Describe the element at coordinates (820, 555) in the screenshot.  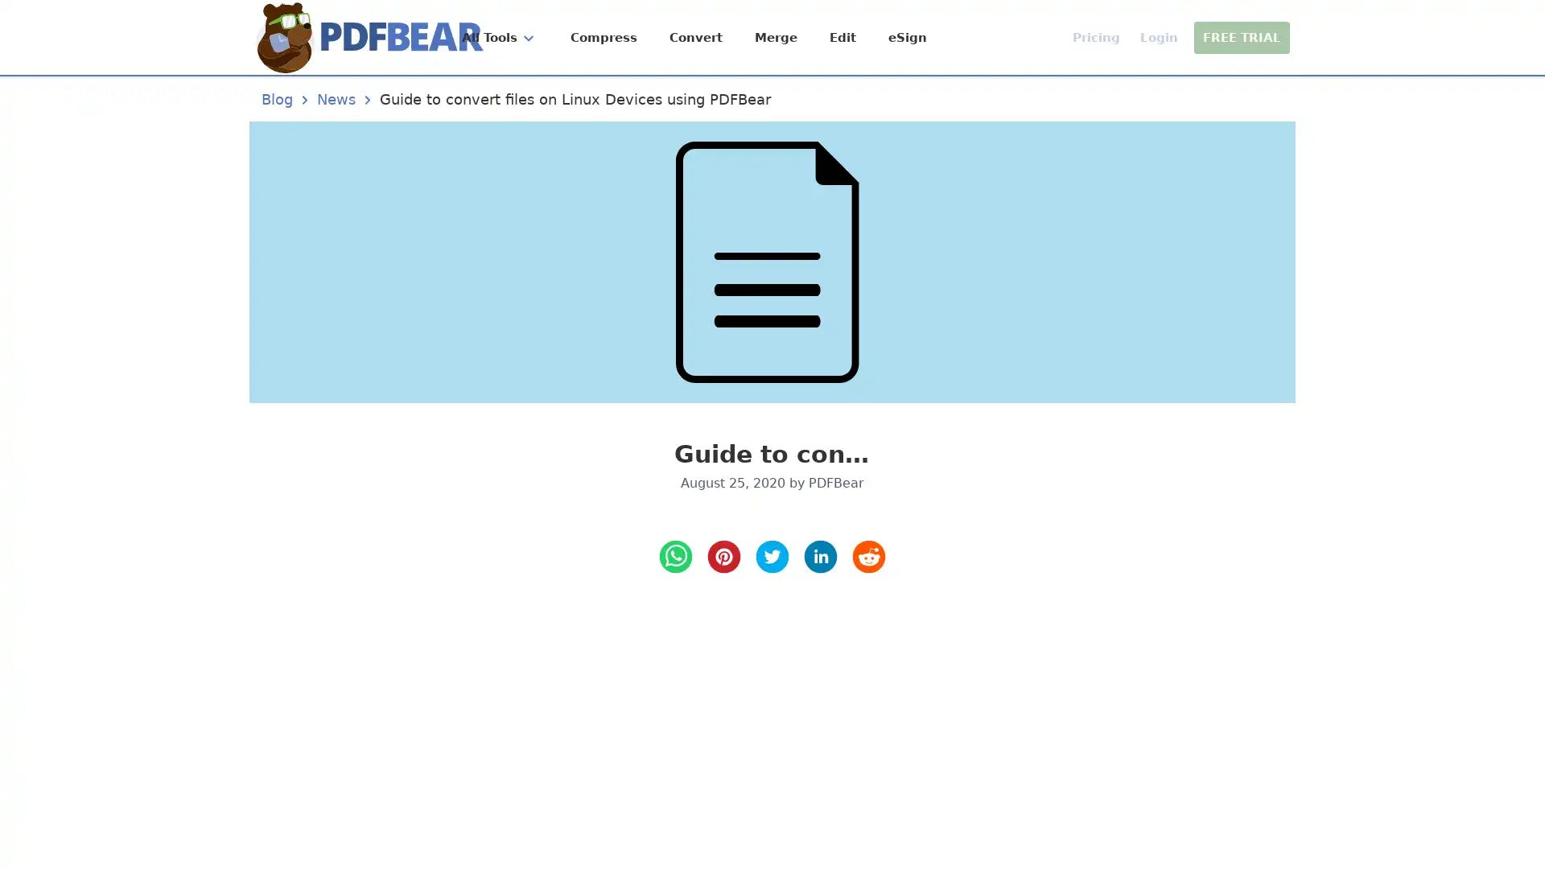
I see `LinkedIn` at that location.